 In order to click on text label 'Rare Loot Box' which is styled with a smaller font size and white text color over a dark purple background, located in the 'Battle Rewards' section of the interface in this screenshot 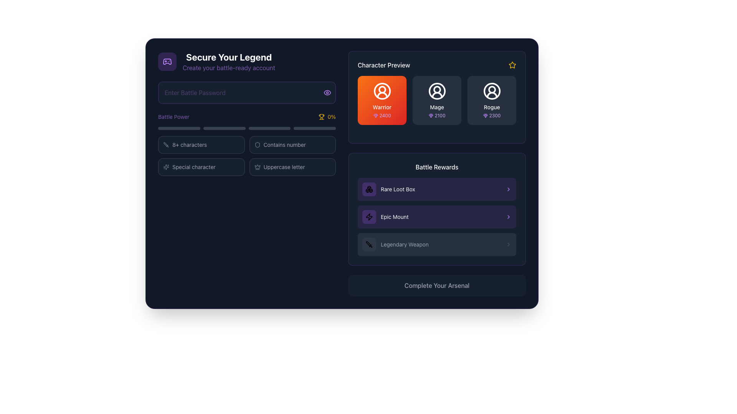, I will do `click(398, 189)`.